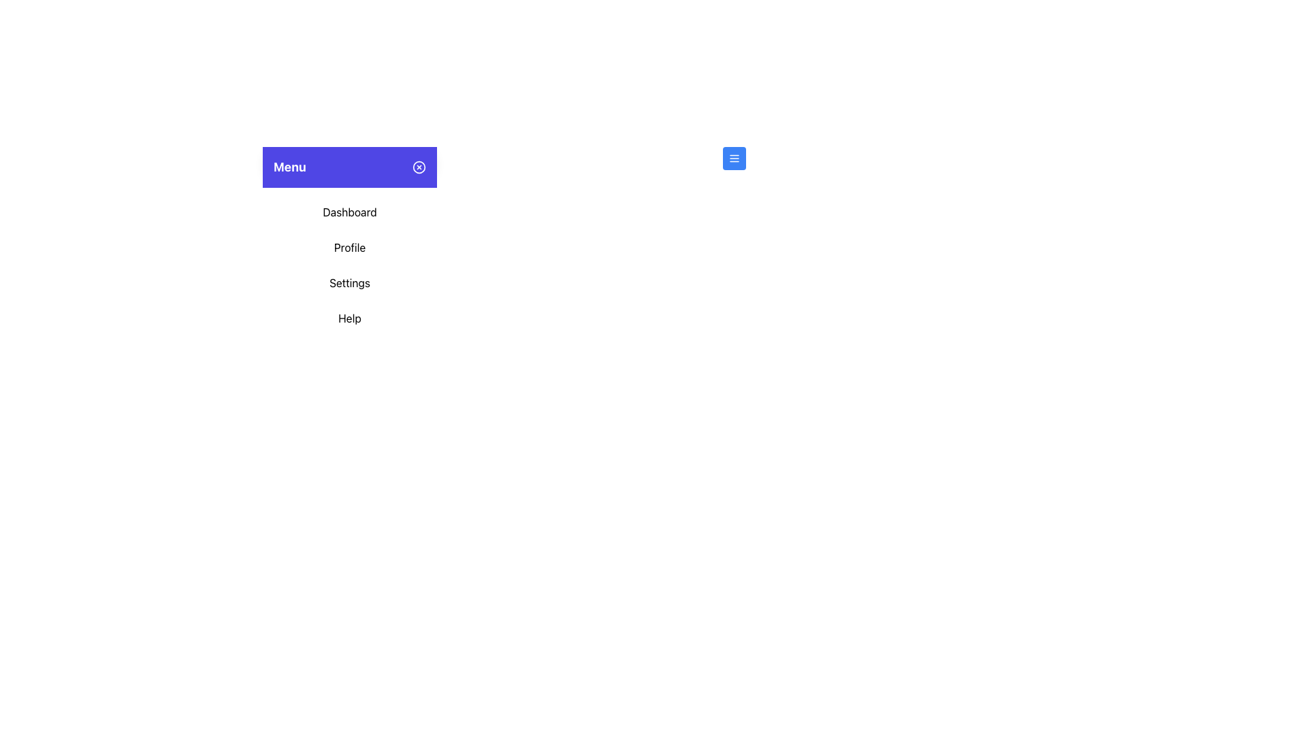 The height and width of the screenshot is (735, 1307). Describe the element at coordinates (349, 282) in the screenshot. I see `the third item in the vertical list of four elements labeled 'Settings' located below the 'Menu' header` at that location.